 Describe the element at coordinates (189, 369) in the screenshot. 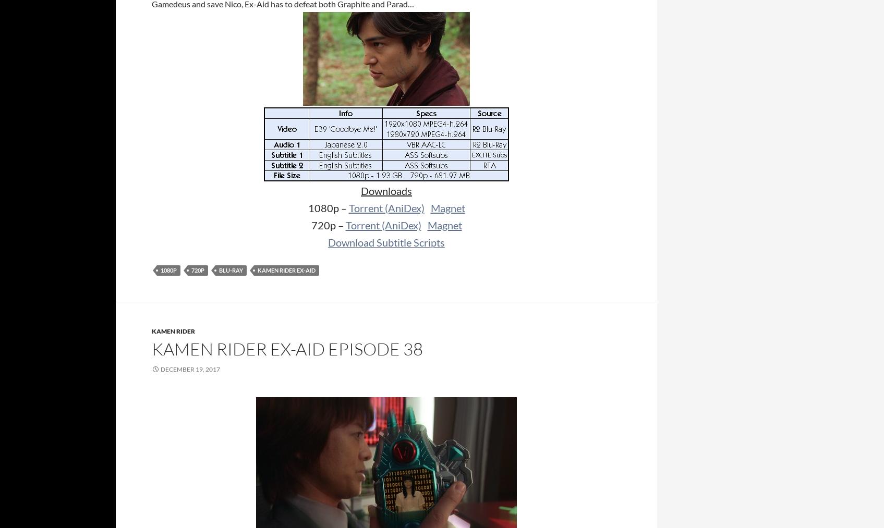

I see `'December 19, 2017'` at that location.